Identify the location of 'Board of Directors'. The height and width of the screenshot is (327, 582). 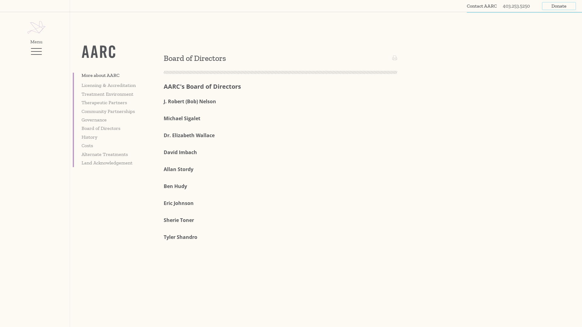
(113, 128).